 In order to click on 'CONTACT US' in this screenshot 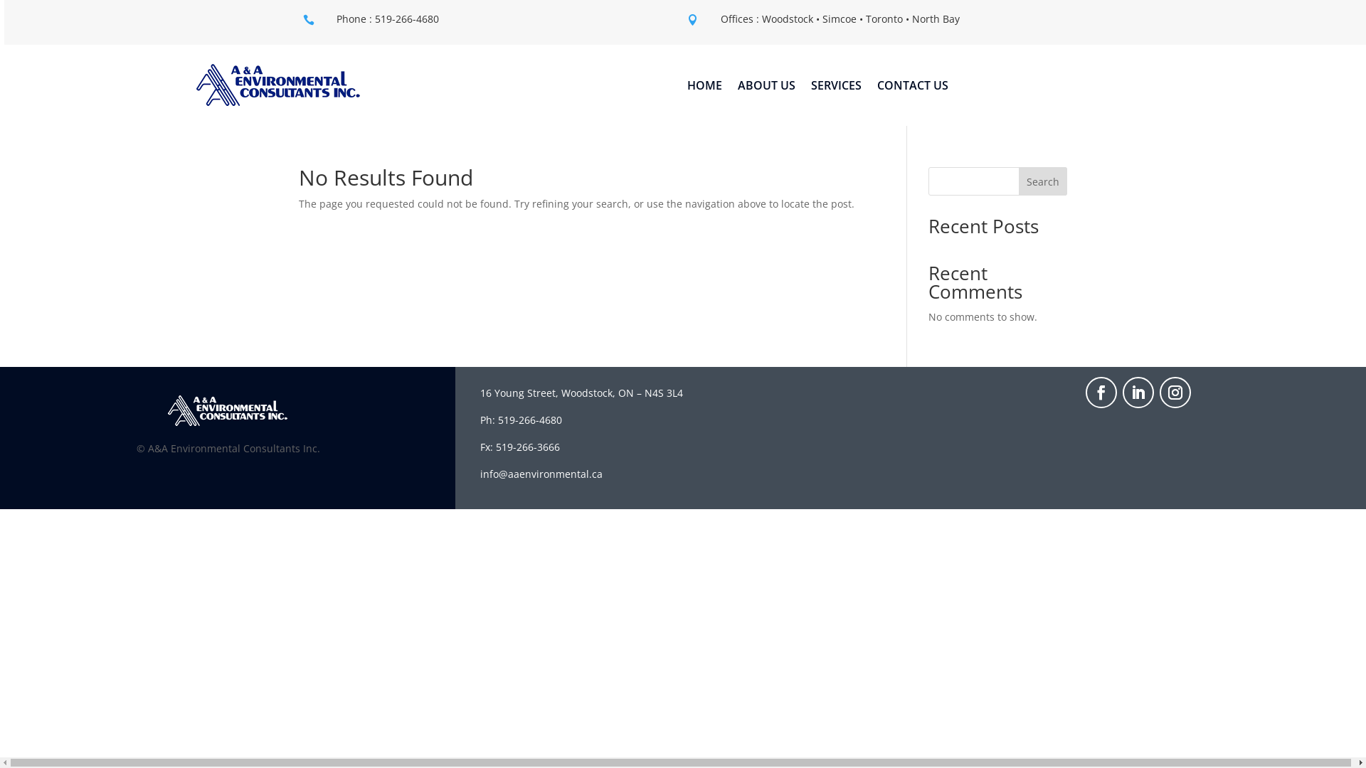, I will do `click(912, 87)`.